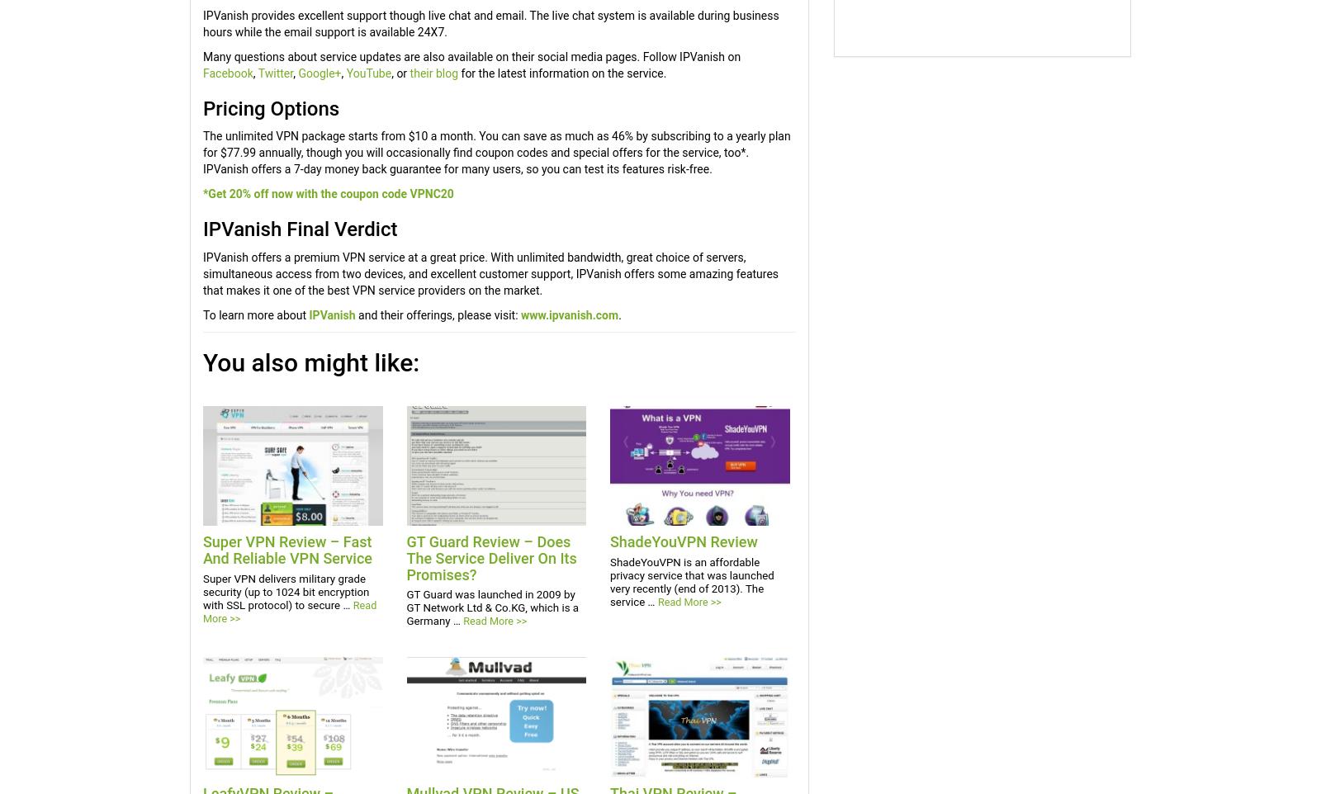 The width and height of the screenshot is (1321, 794). I want to click on 'Many questions about service updates are also available on their social media pages. Follow IPVanish on', so click(202, 56).